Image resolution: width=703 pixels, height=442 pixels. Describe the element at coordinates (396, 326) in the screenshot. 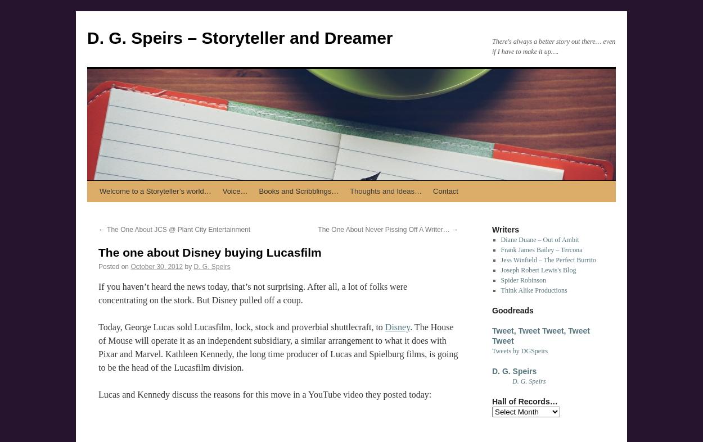

I see `'Disney'` at that location.